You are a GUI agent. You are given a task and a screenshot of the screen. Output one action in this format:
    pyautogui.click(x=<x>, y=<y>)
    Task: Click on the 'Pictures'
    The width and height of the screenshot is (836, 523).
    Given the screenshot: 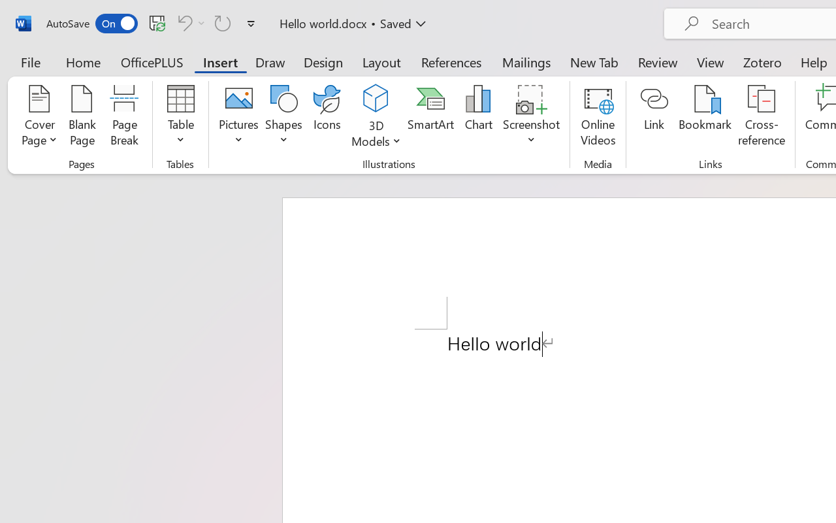 What is the action you would take?
    pyautogui.click(x=238, y=117)
    